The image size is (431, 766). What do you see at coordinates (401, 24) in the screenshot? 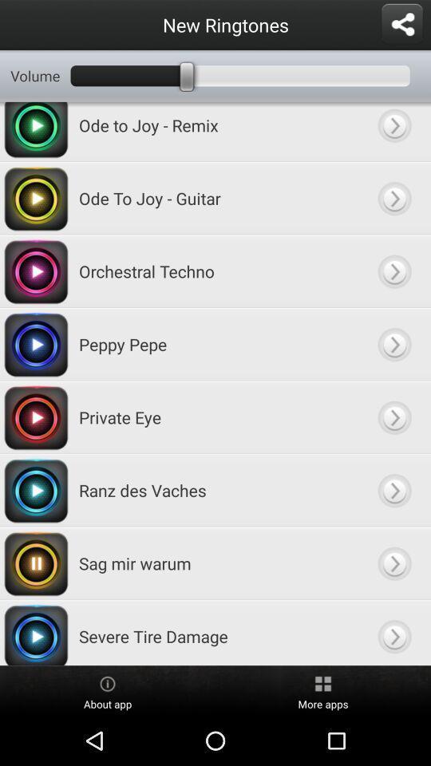
I see `shear` at bounding box center [401, 24].